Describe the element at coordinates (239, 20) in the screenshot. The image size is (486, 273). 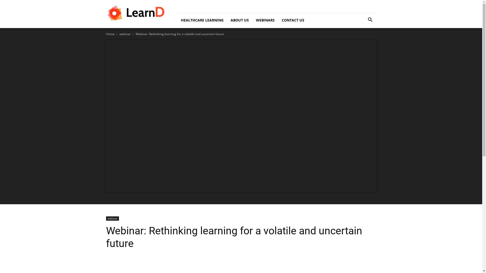
I see `'ABOUT US'` at that location.